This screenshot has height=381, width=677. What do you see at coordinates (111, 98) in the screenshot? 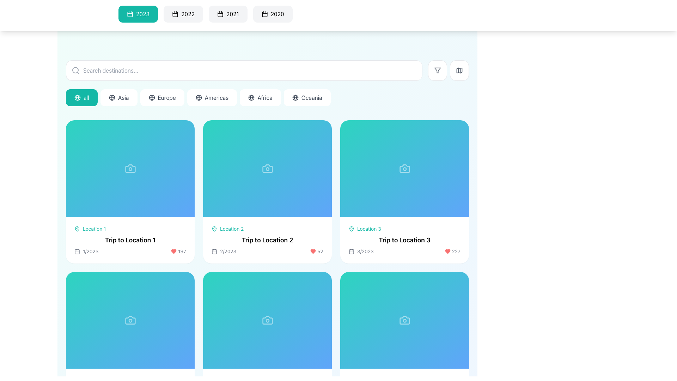
I see `the 'Asia' filter button icon, which is a symbolic representation located to the left of the text 'Asia' in a pill-shaped button within a horizontal list of filter buttons` at bounding box center [111, 98].